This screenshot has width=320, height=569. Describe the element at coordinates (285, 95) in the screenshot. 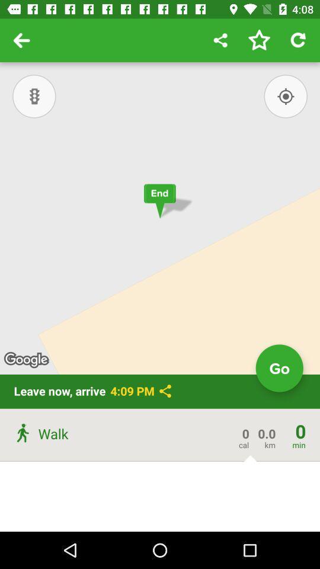

I see `the location_crosshair icon` at that location.